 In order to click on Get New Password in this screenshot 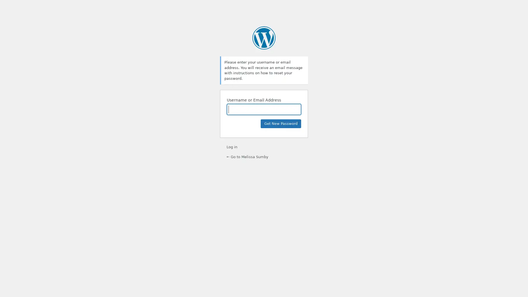, I will do `click(281, 124)`.